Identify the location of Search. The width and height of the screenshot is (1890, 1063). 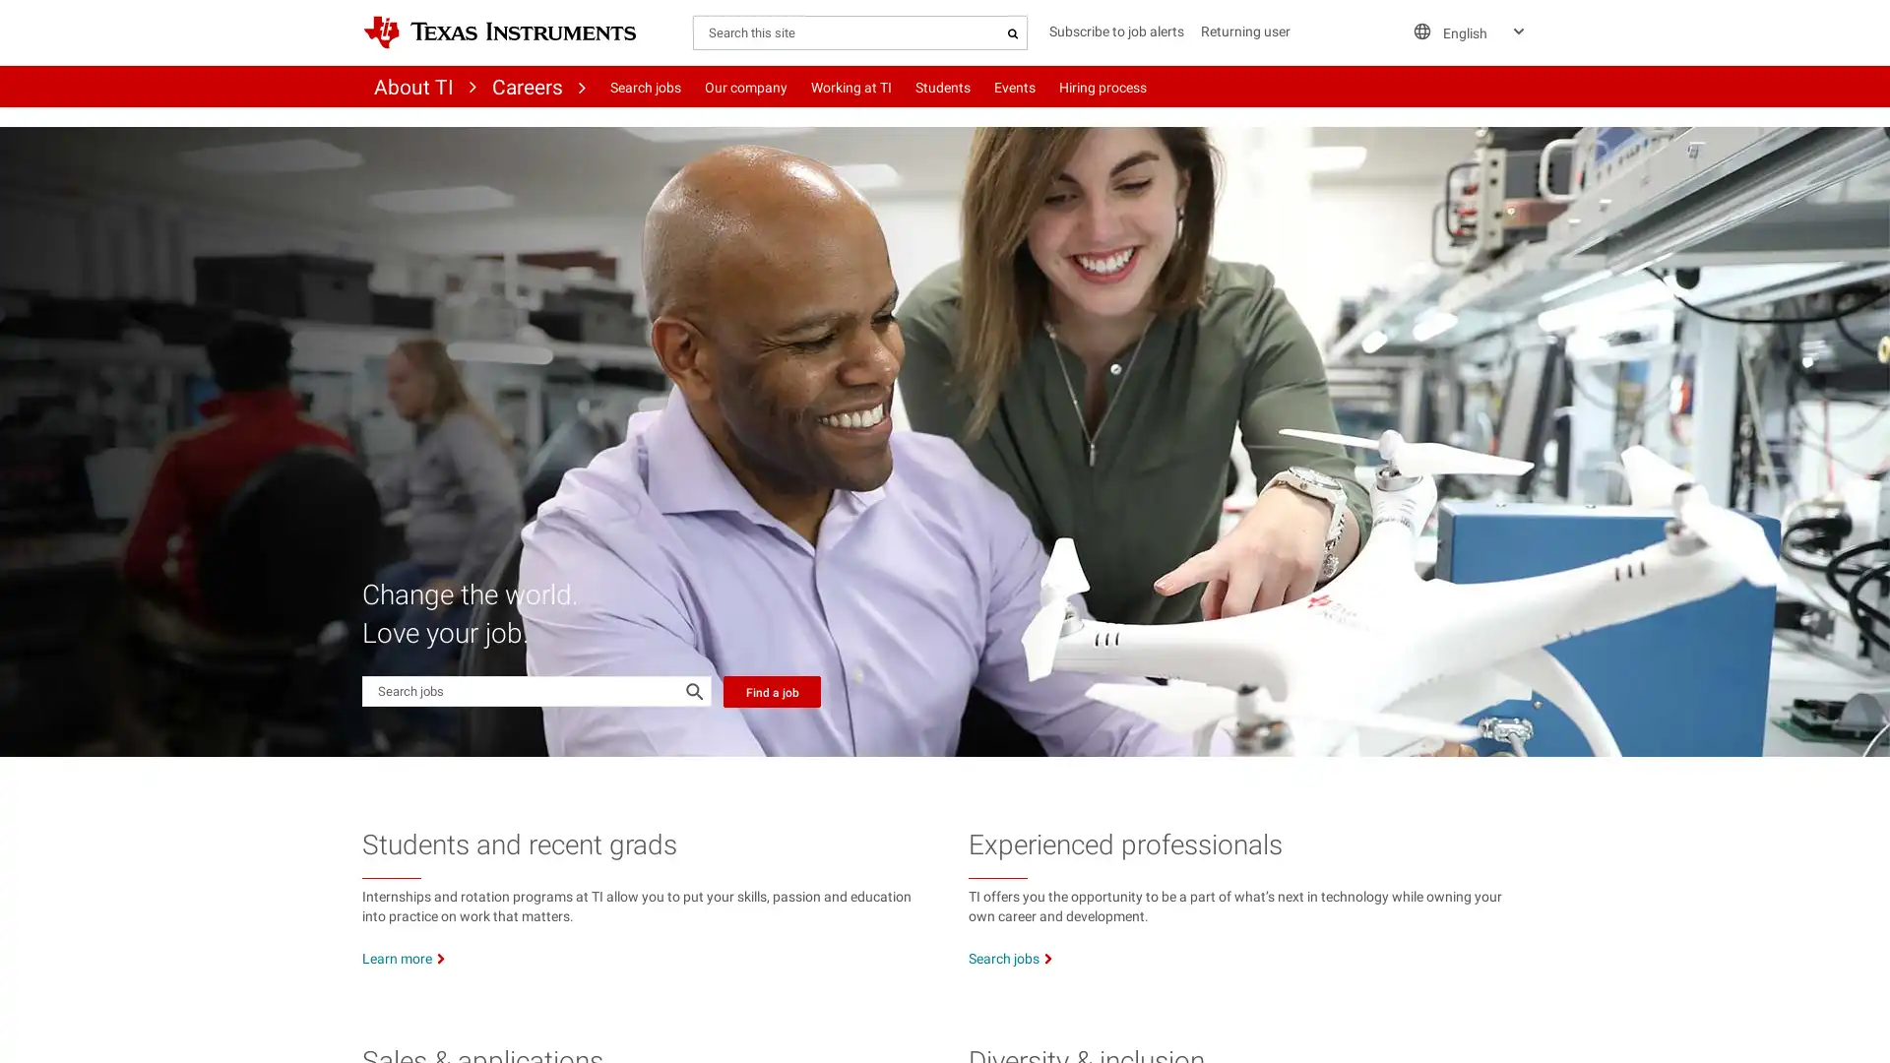
(1012, 32).